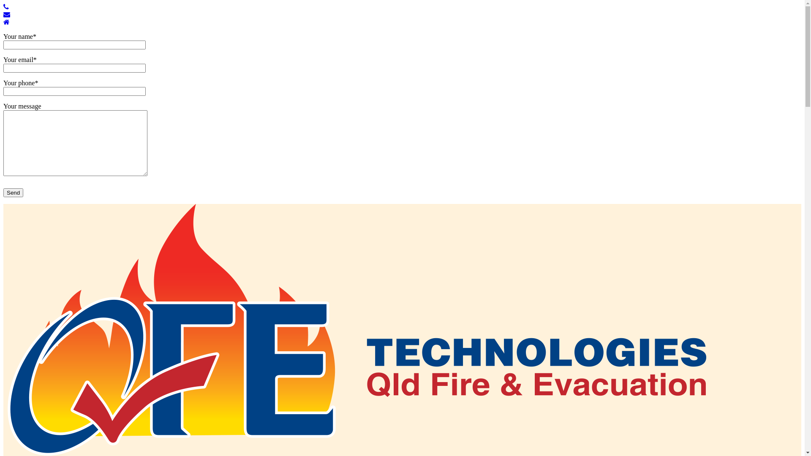  What do you see at coordinates (13, 193) in the screenshot?
I see `'Send'` at bounding box center [13, 193].